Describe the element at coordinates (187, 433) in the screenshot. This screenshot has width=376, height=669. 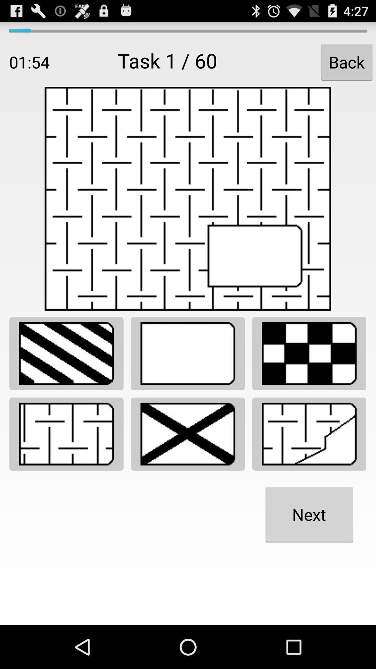
I see `cross shape` at that location.